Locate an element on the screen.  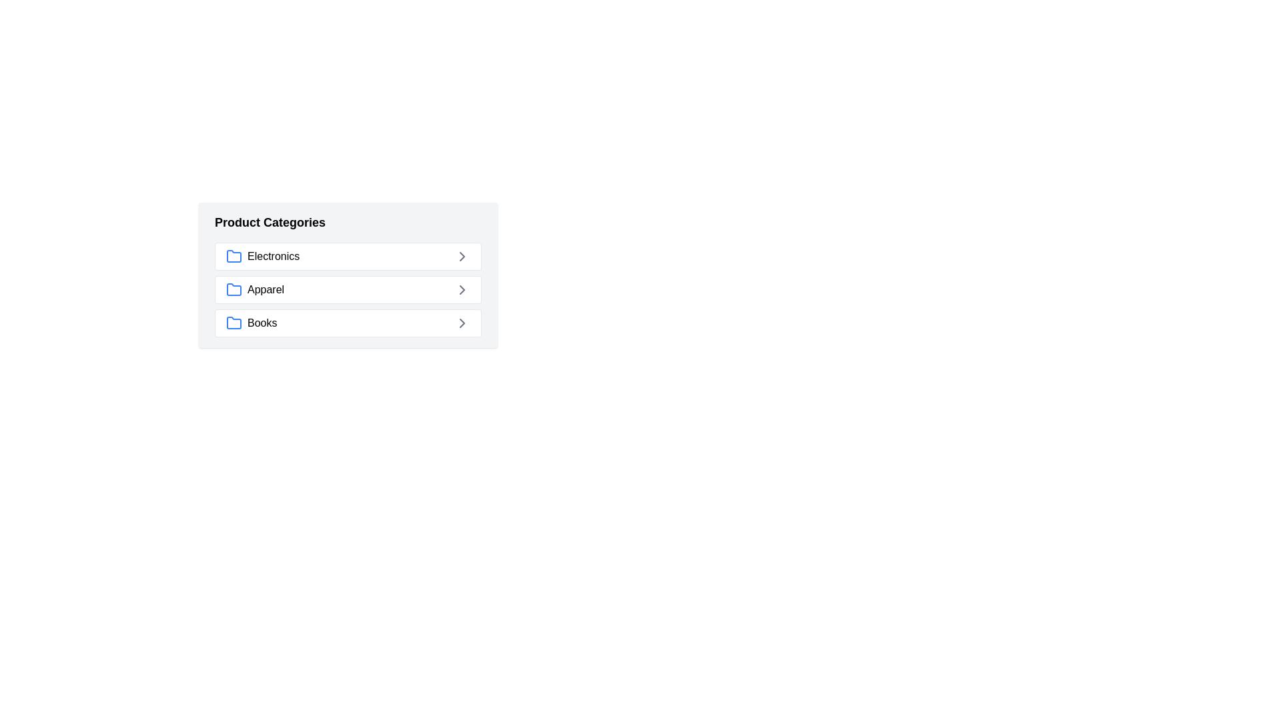
the folder icon that represents the 'Apparel' category in the Product Categories list is located at coordinates (234, 289).